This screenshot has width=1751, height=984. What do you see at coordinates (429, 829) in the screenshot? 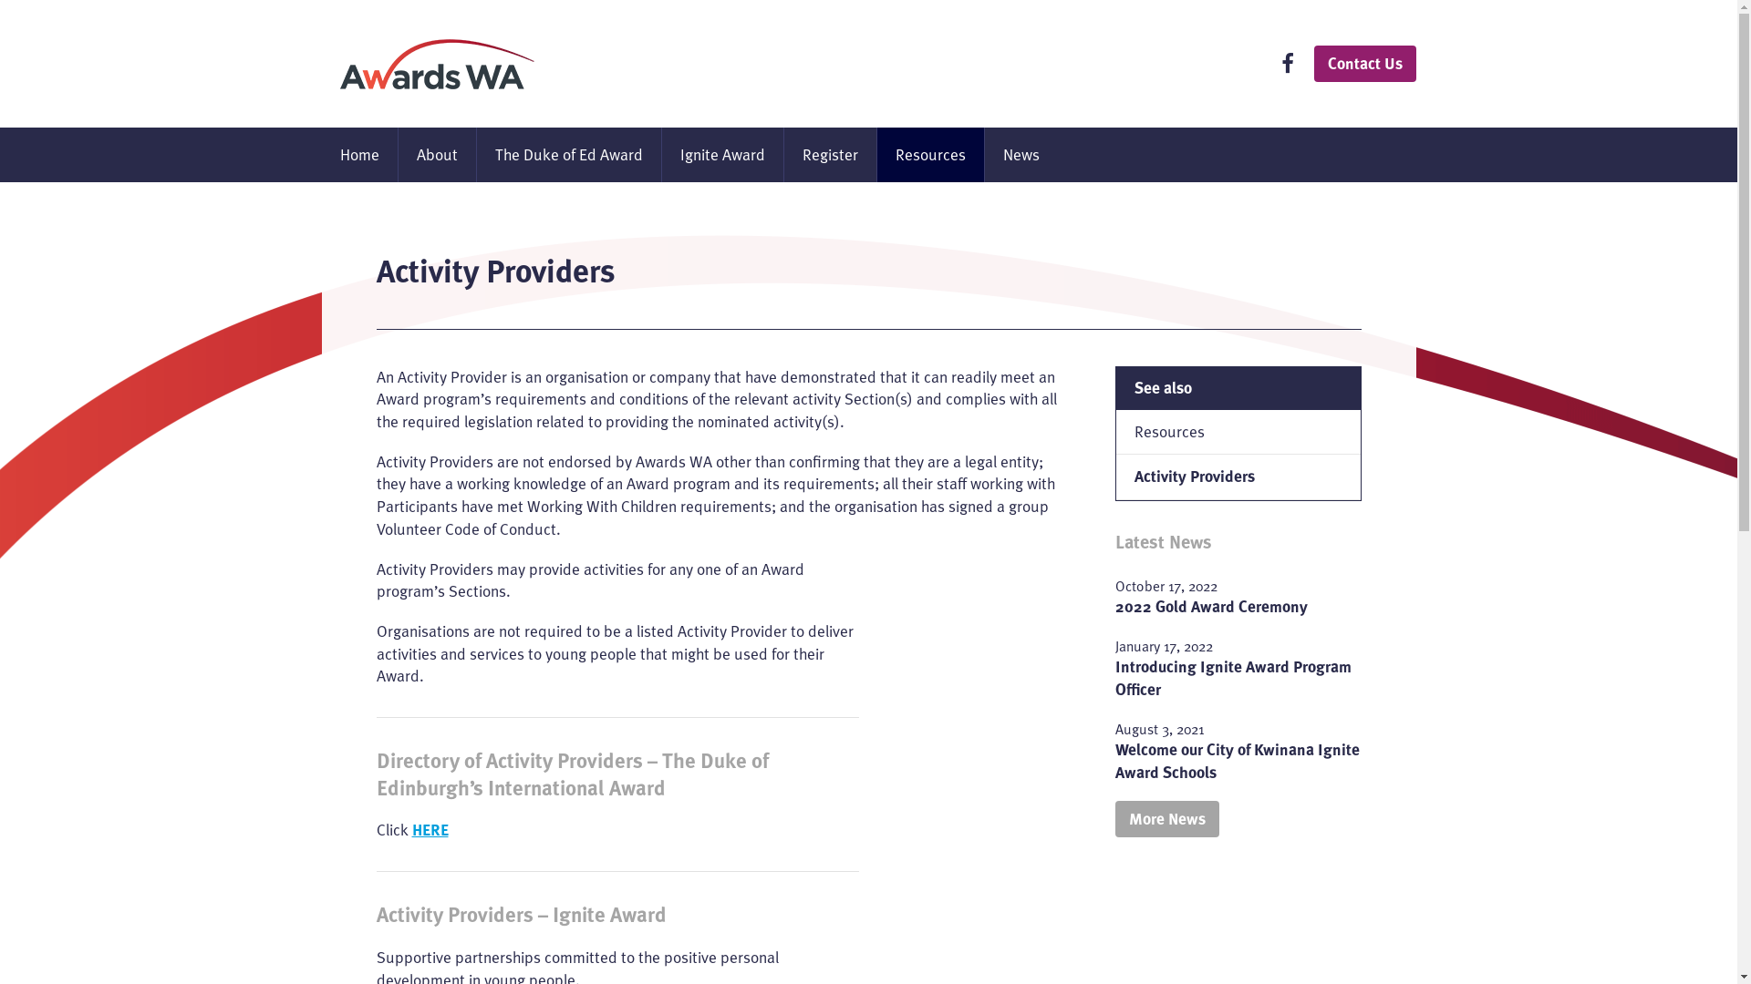
I see `'HERE'` at bounding box center [429, 829].